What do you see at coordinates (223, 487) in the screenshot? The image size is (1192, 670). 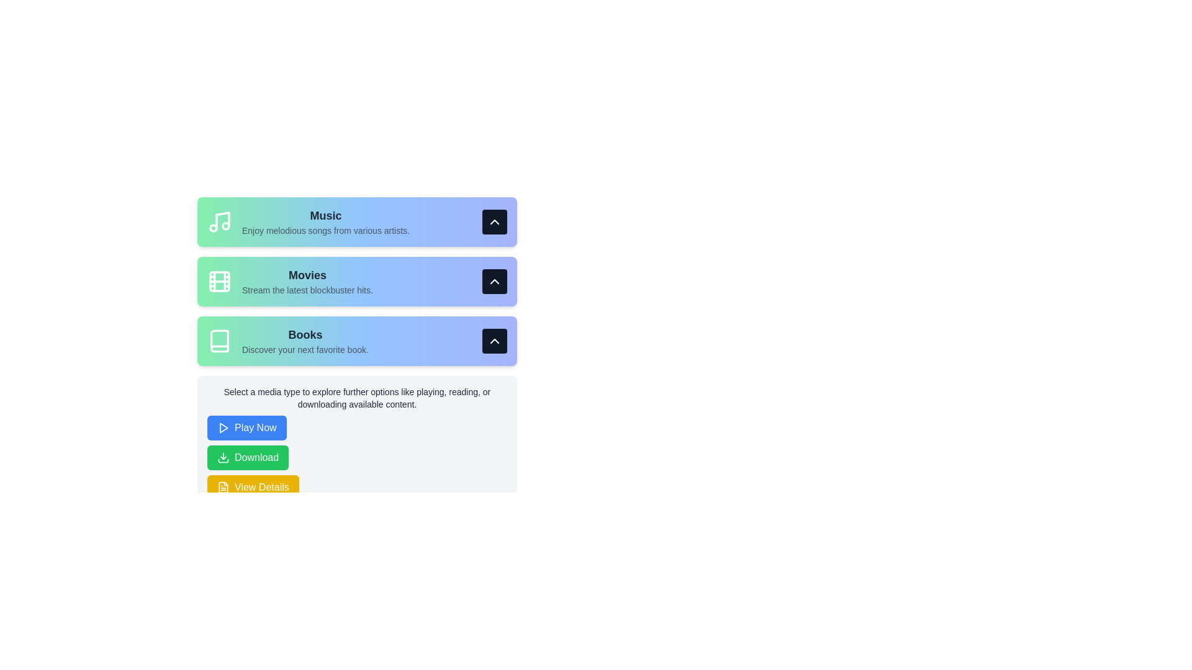 I see `the decorative icon (SVG image) that visually represents the document-related functionality adjacent to the 'View Details' button` at bounding box center [223, 487].